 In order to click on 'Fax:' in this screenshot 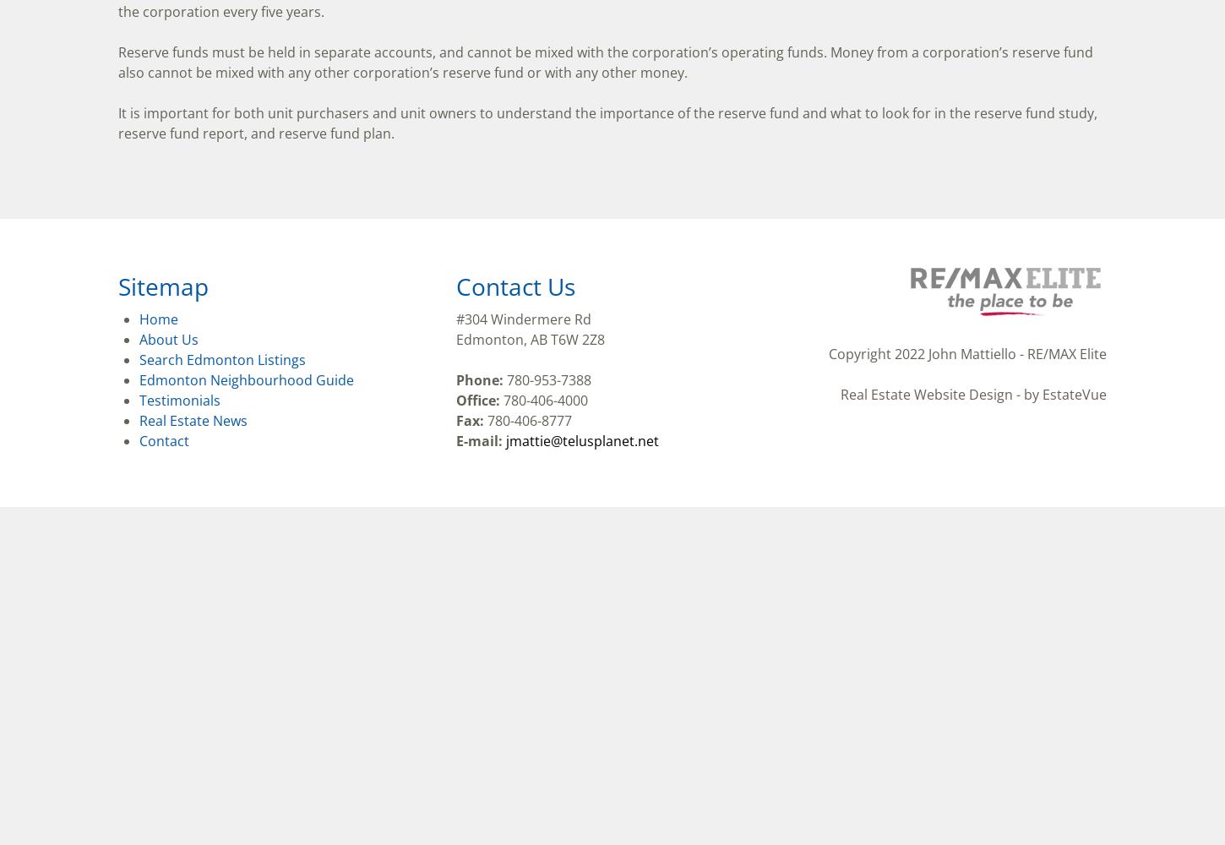, I will do `click(470, 420)`.